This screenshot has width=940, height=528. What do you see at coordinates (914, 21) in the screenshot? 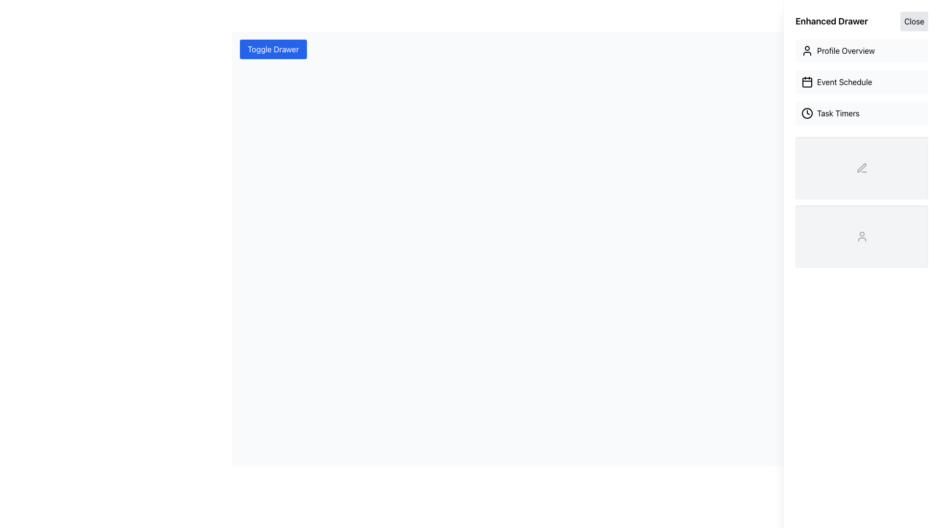
I see `the 'Close' button in the top-right corner of the 'Enhanced Drawer' panel` at bounding box center [914, 21].